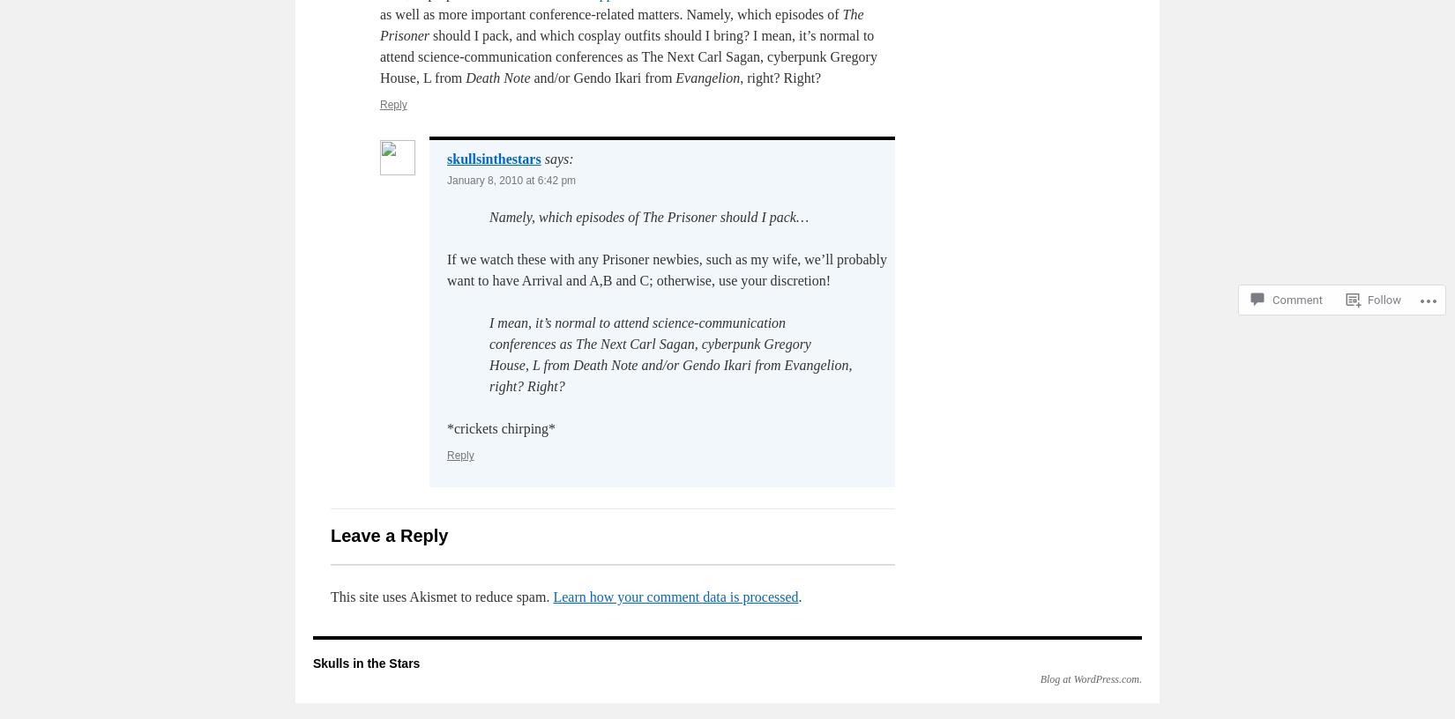  What do you see at coordinates (496, 77) in the screenshot?
I see `'Death Note'` at bounding box center [496, 77].